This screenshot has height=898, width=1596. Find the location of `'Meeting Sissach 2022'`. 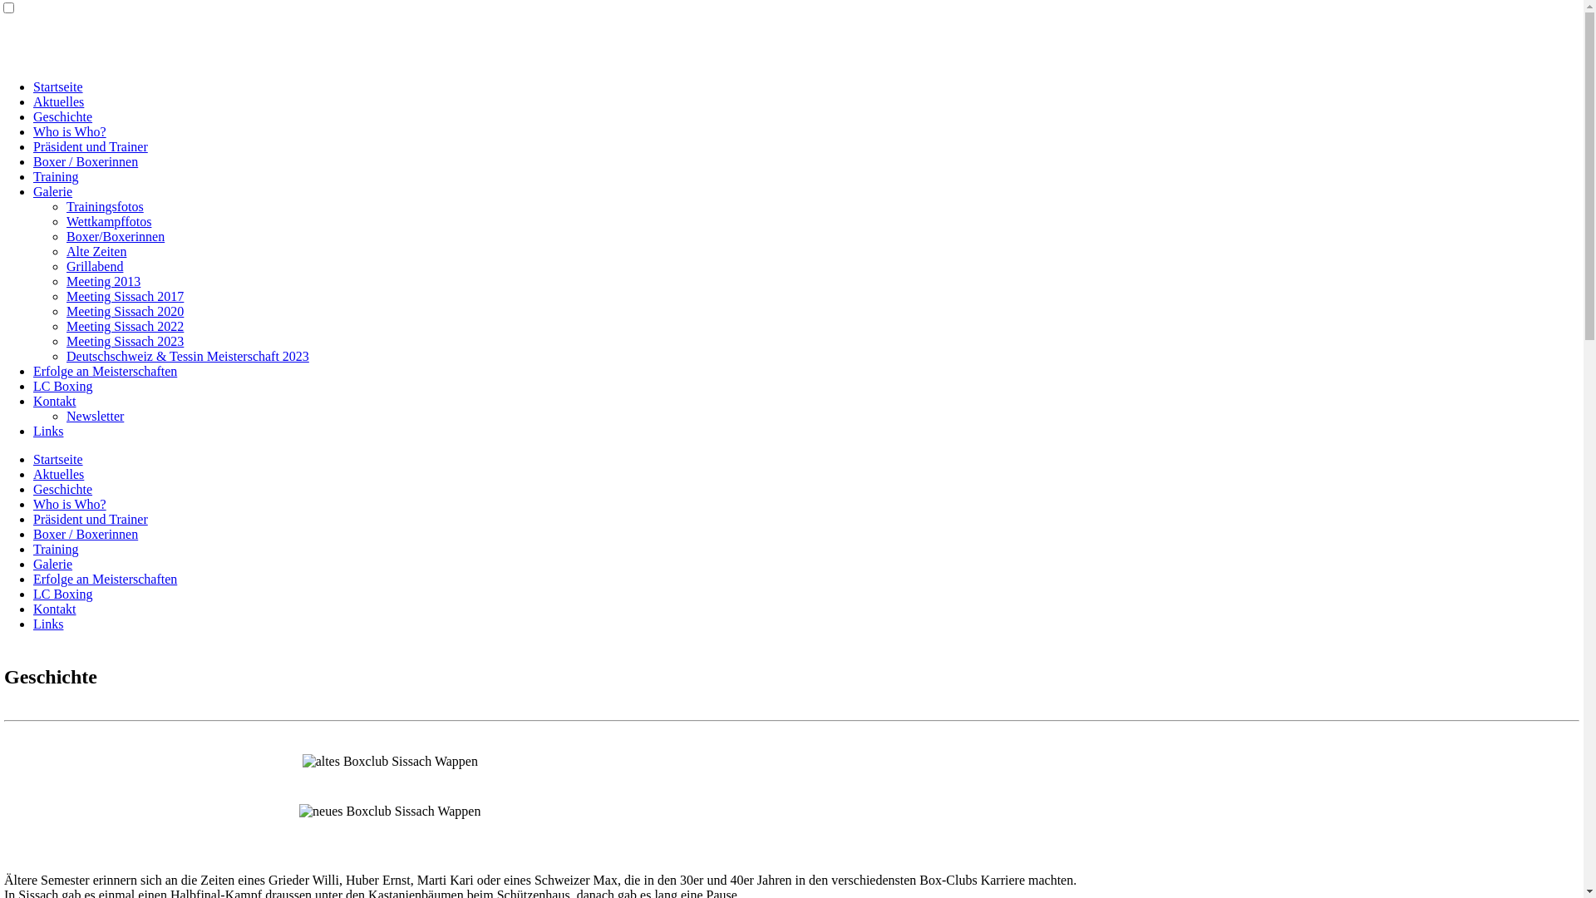

'Meeting Sissach 2022' is located at coordinates (124, 326).